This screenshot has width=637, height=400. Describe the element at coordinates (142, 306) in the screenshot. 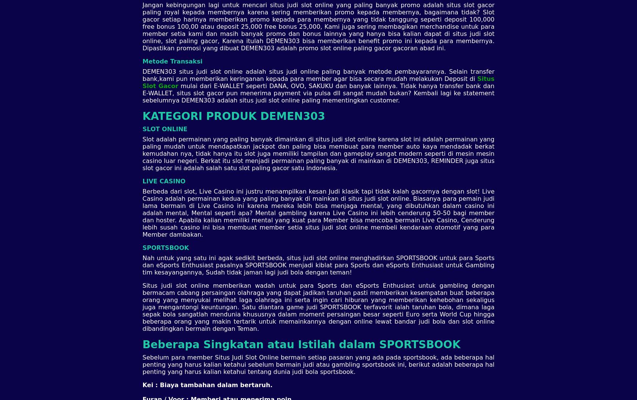

I see `'Situs judi slot online memberikan wadah untuk para Sports dan eSports Enthusiast untuk gambling dengan bermacam cabang persaingan olahraga yang dapat jadikan taruhan pasti memberikan kesempatan buat beberapa orang yang menyukai melihat laga olahraga ini serta ingin cari hiburan yang memberikan kehebohan sekaligus juga mengantongi keuntungan. Satu diantara game judi SPORTSBOOK terfavorit ialah taruhan bola, dimana laga sepak bola sangatlah mendunia khususnya dalam moment persaingan besar seperti Euro serta World Cup hingga beberapa orang yang makin tertarik untuk memainkannya dengan online lewat bandar judi bola dan slot online dibandingkan bermain dengan Teman.'` at that location.